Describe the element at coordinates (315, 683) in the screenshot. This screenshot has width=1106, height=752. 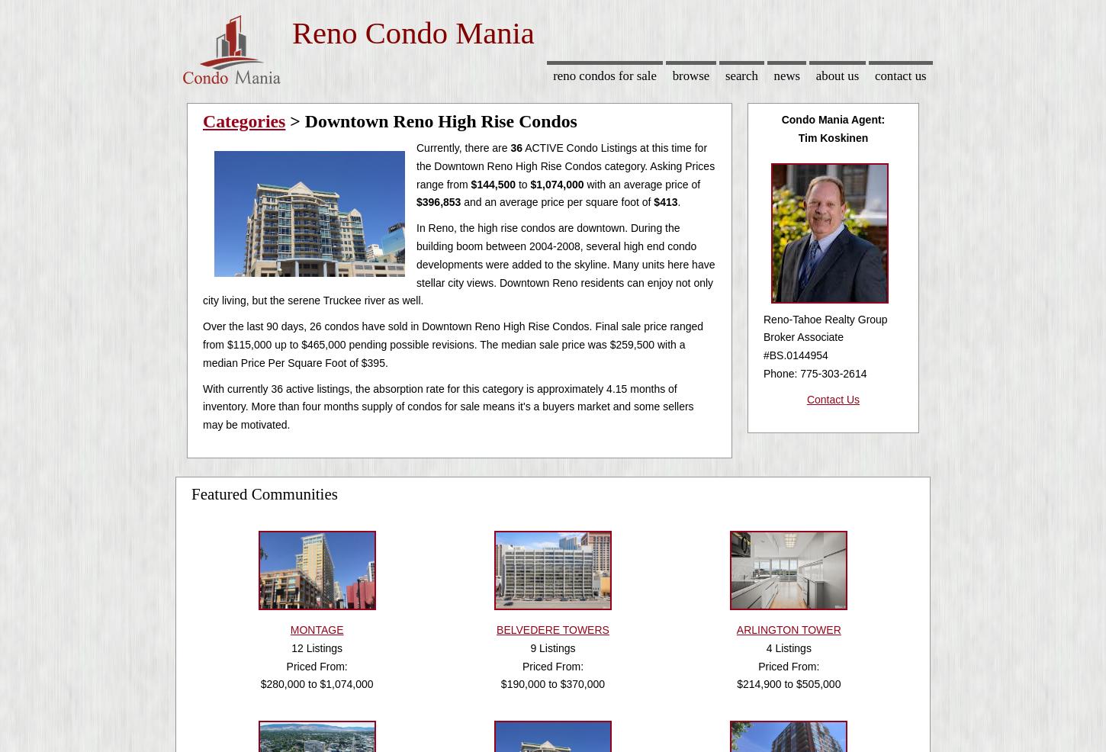
I see `'$280,000 to $1,074,000'` at that location.